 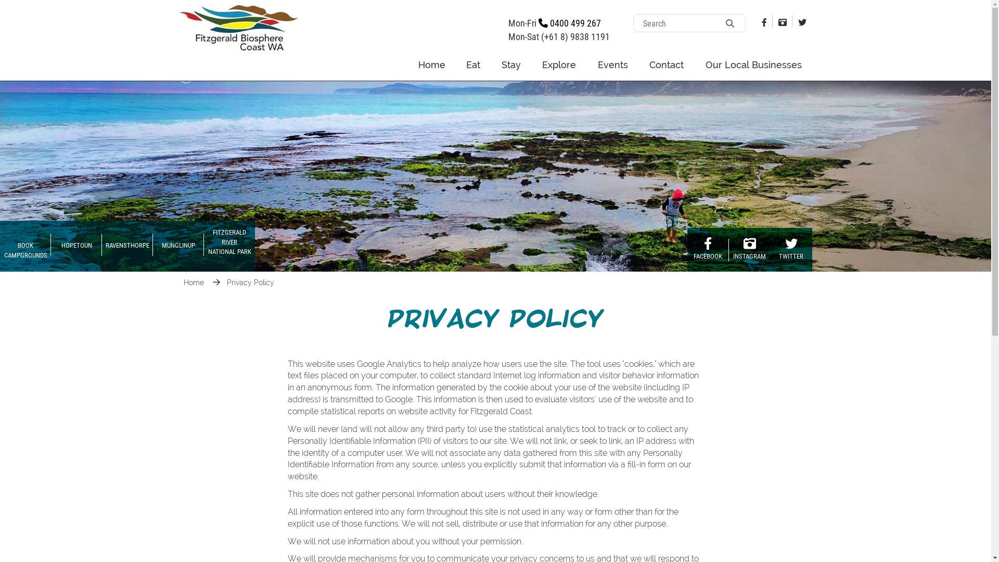 What do you see at coordinates (179, 26) in the screenshot?
I see `'Fitzgerald Coast'` at bounding box center [179, 26].